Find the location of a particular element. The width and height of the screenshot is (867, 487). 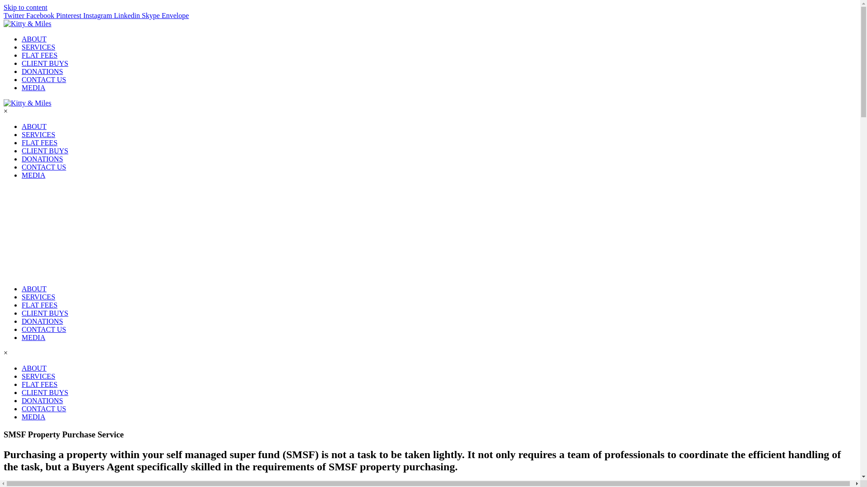

'SERVICES' is located at coordinates (38, 297).